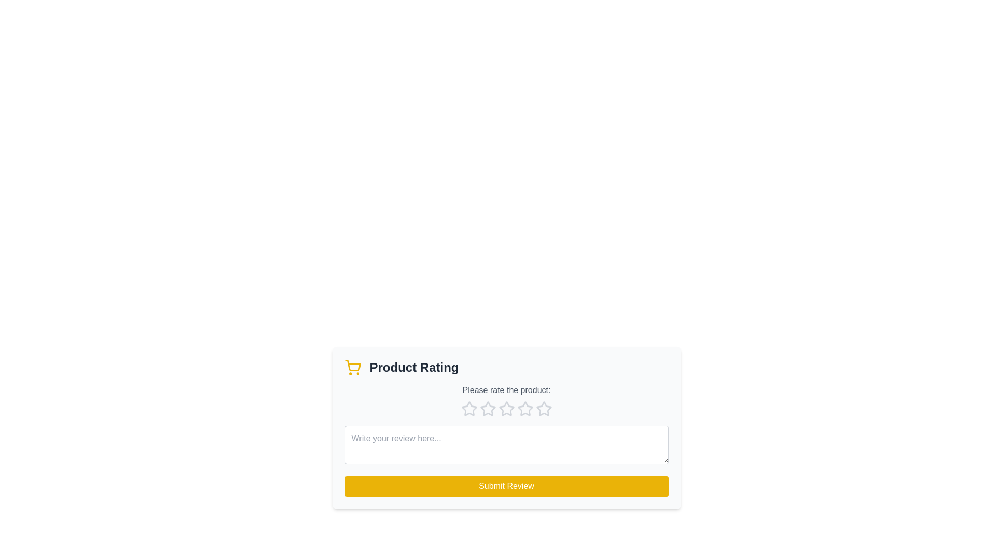 The height and width of the screenshot is (560, 996). Describe the element at coordinates (468, 409) in the screenshot. I see `the first star icon in the product rating system` at that location.